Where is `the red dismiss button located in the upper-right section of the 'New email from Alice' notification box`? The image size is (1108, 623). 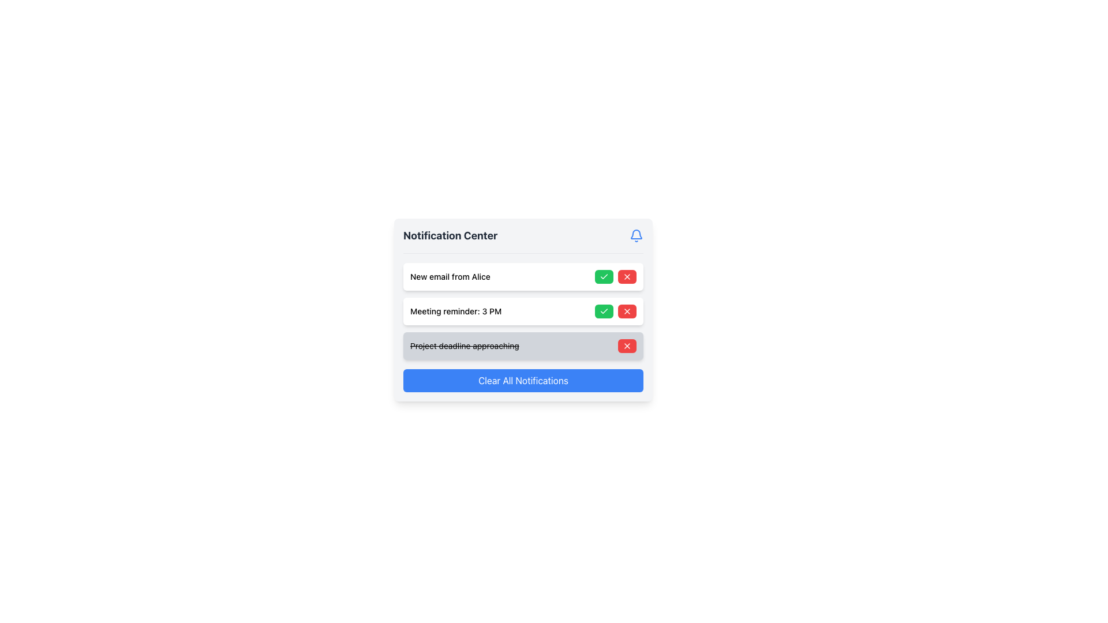
the red dismiss button located in the upper-right section of the 'New email from Alice' notification box is located at coordinates (615, 276).